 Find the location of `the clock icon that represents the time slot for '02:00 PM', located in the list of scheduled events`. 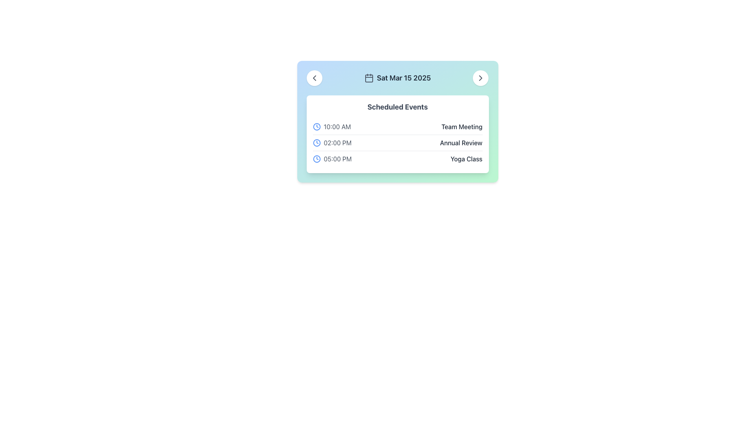

the clock icon that represents the time slot for '02:00 PM', located in the list of scheduled events is located at coordinates (317, 143).